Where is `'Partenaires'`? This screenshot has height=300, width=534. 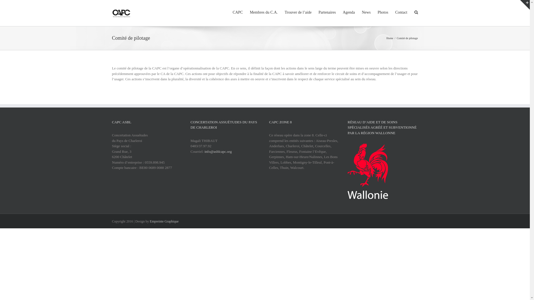 'Partenaires' is located at coordinates (318, 12).